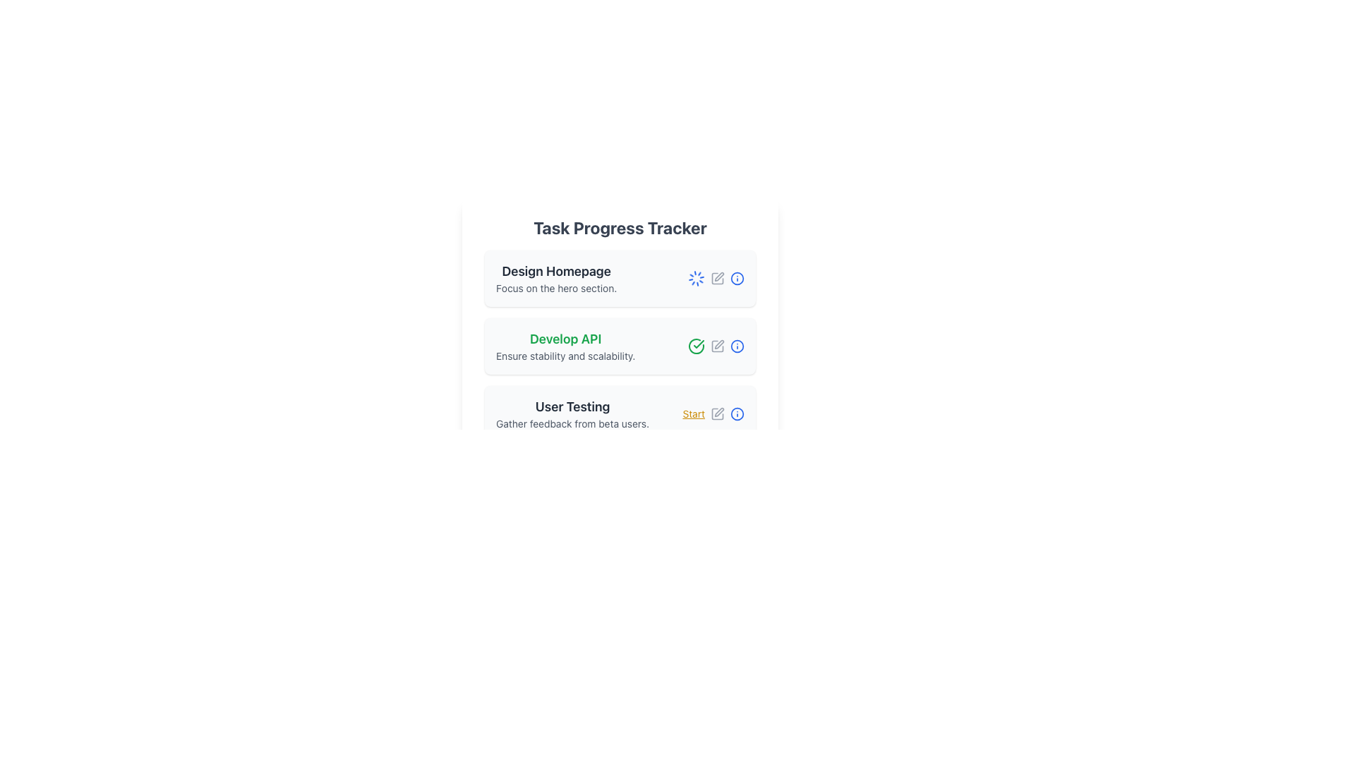 Image resolution: width=1355 pixels, height=762 pixels. What do you see at coordinates (565, 346) in the screenshot?
I see `the static text block containing 'Develop API' and 'Ensure stability and scalability' which is styled with a bold green font and smaller gray font, located between 'Design Homepage' and 'User Testing'` at bounding box center [565, 346].